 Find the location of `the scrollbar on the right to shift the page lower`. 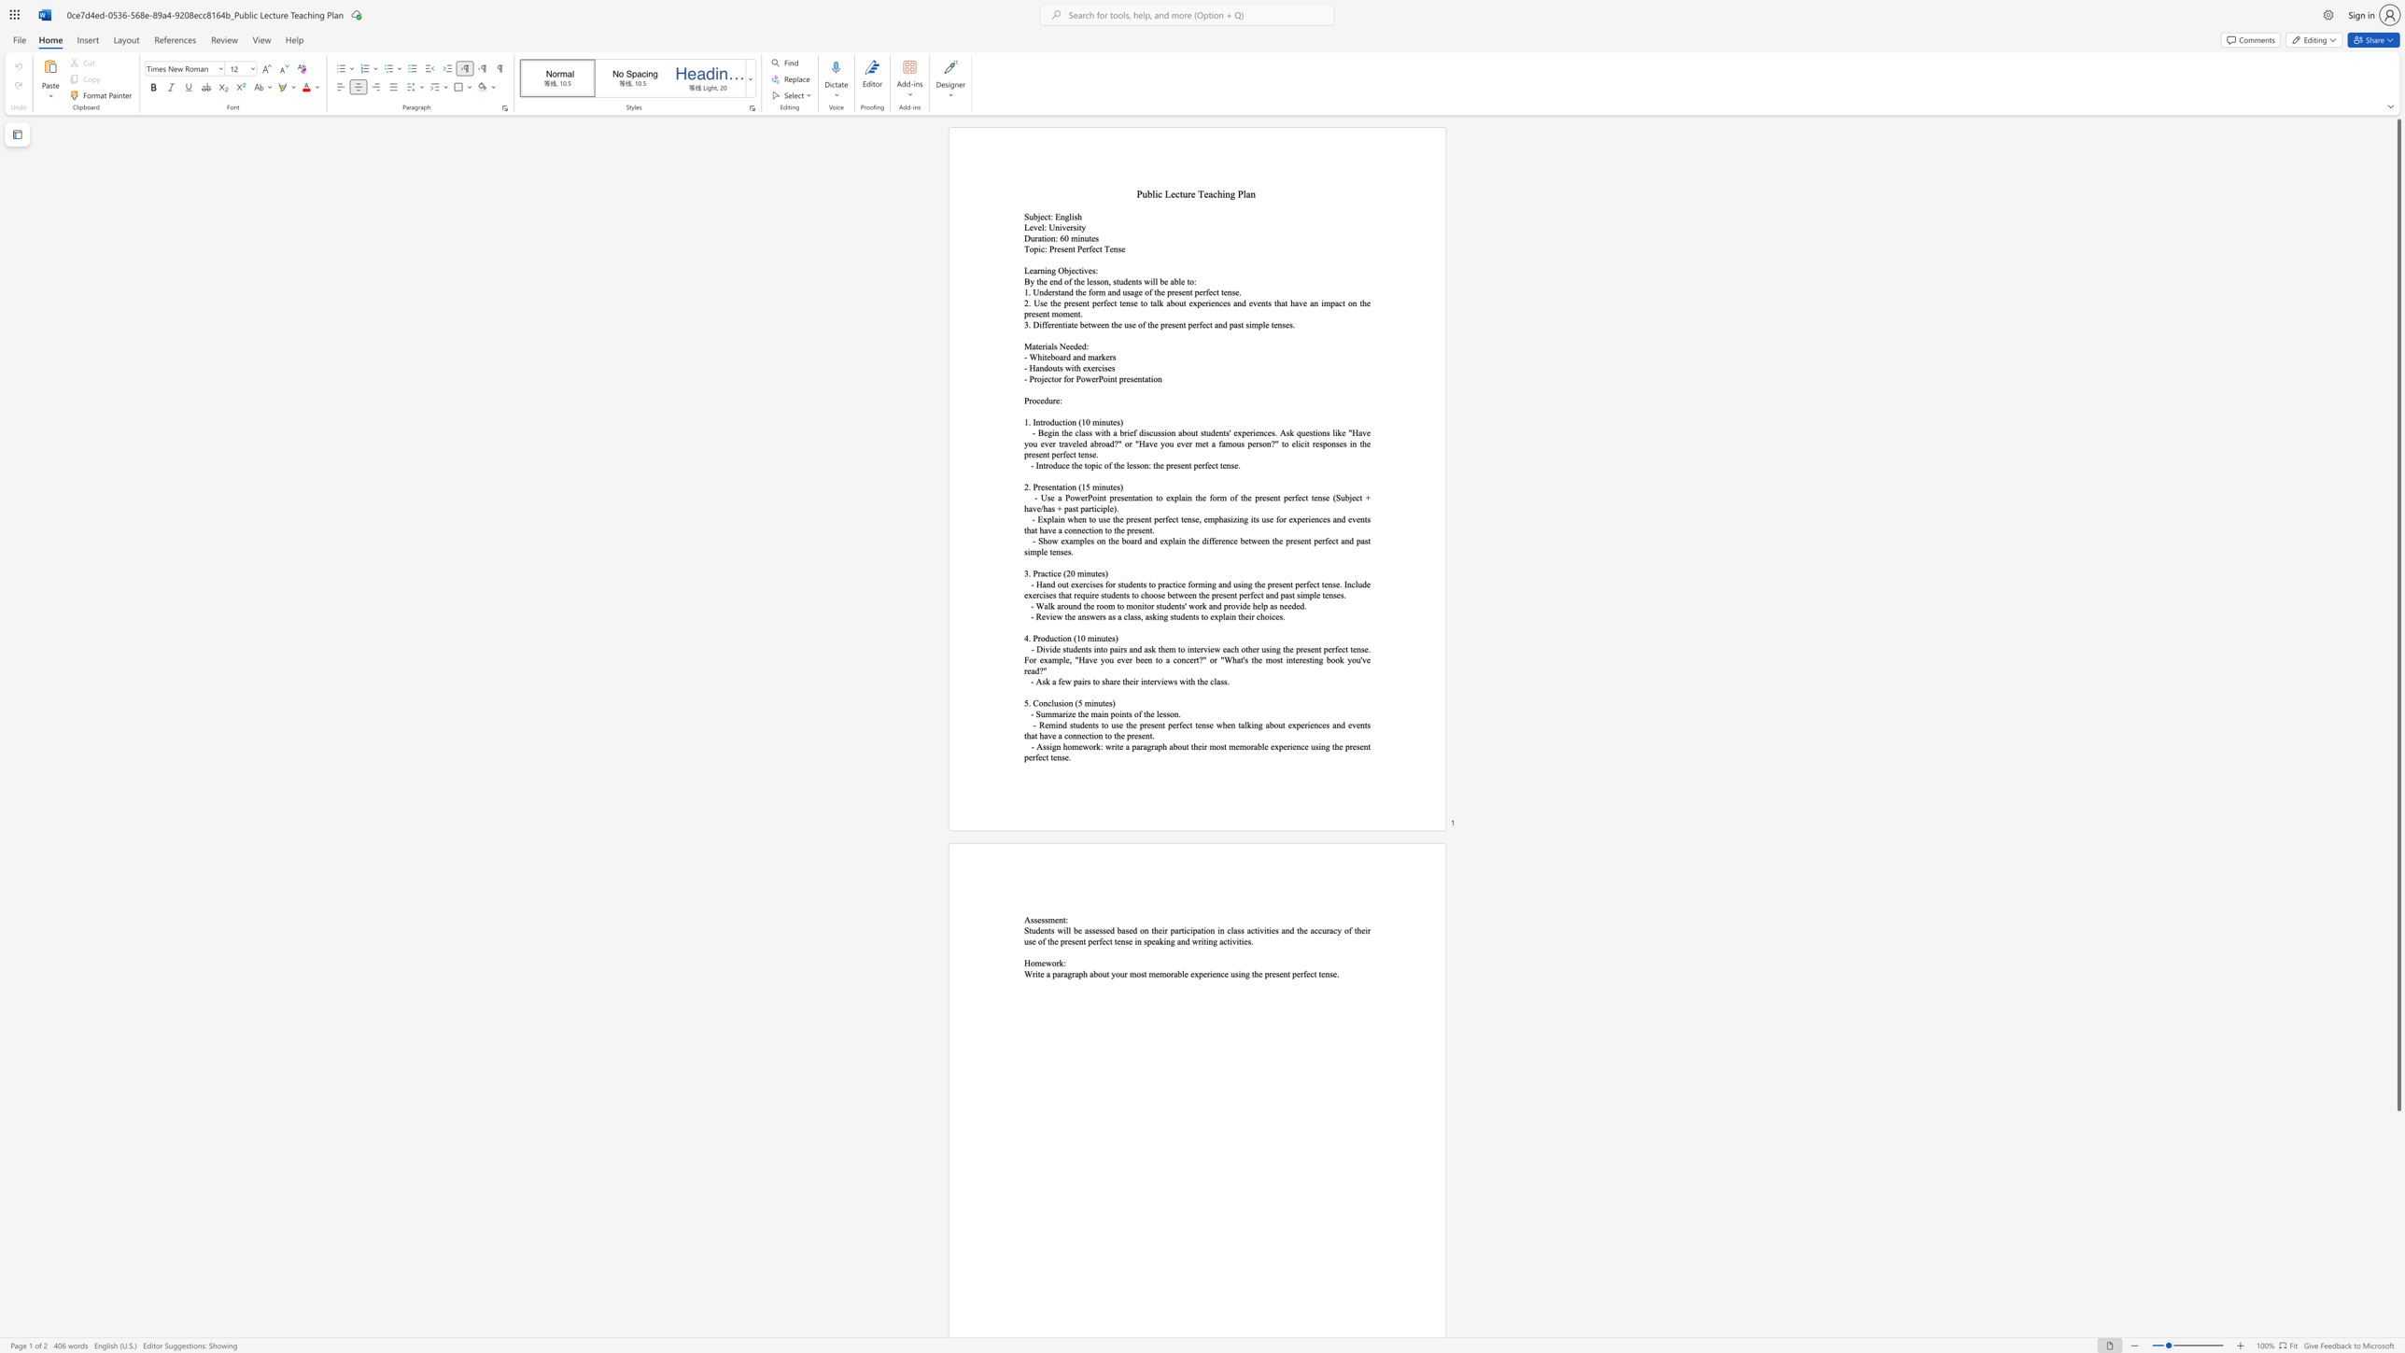

the scrollbar on the right to shift the page lower is located at coordinates (2398, 1202).